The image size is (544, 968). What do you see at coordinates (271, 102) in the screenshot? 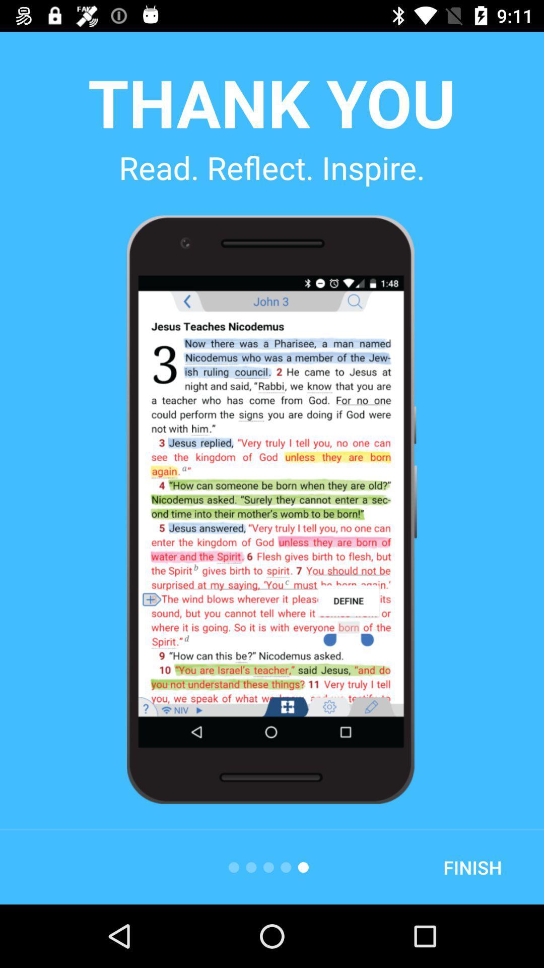
I see `item above the read. reflect. inspire.` at bounding box center [271, 102].